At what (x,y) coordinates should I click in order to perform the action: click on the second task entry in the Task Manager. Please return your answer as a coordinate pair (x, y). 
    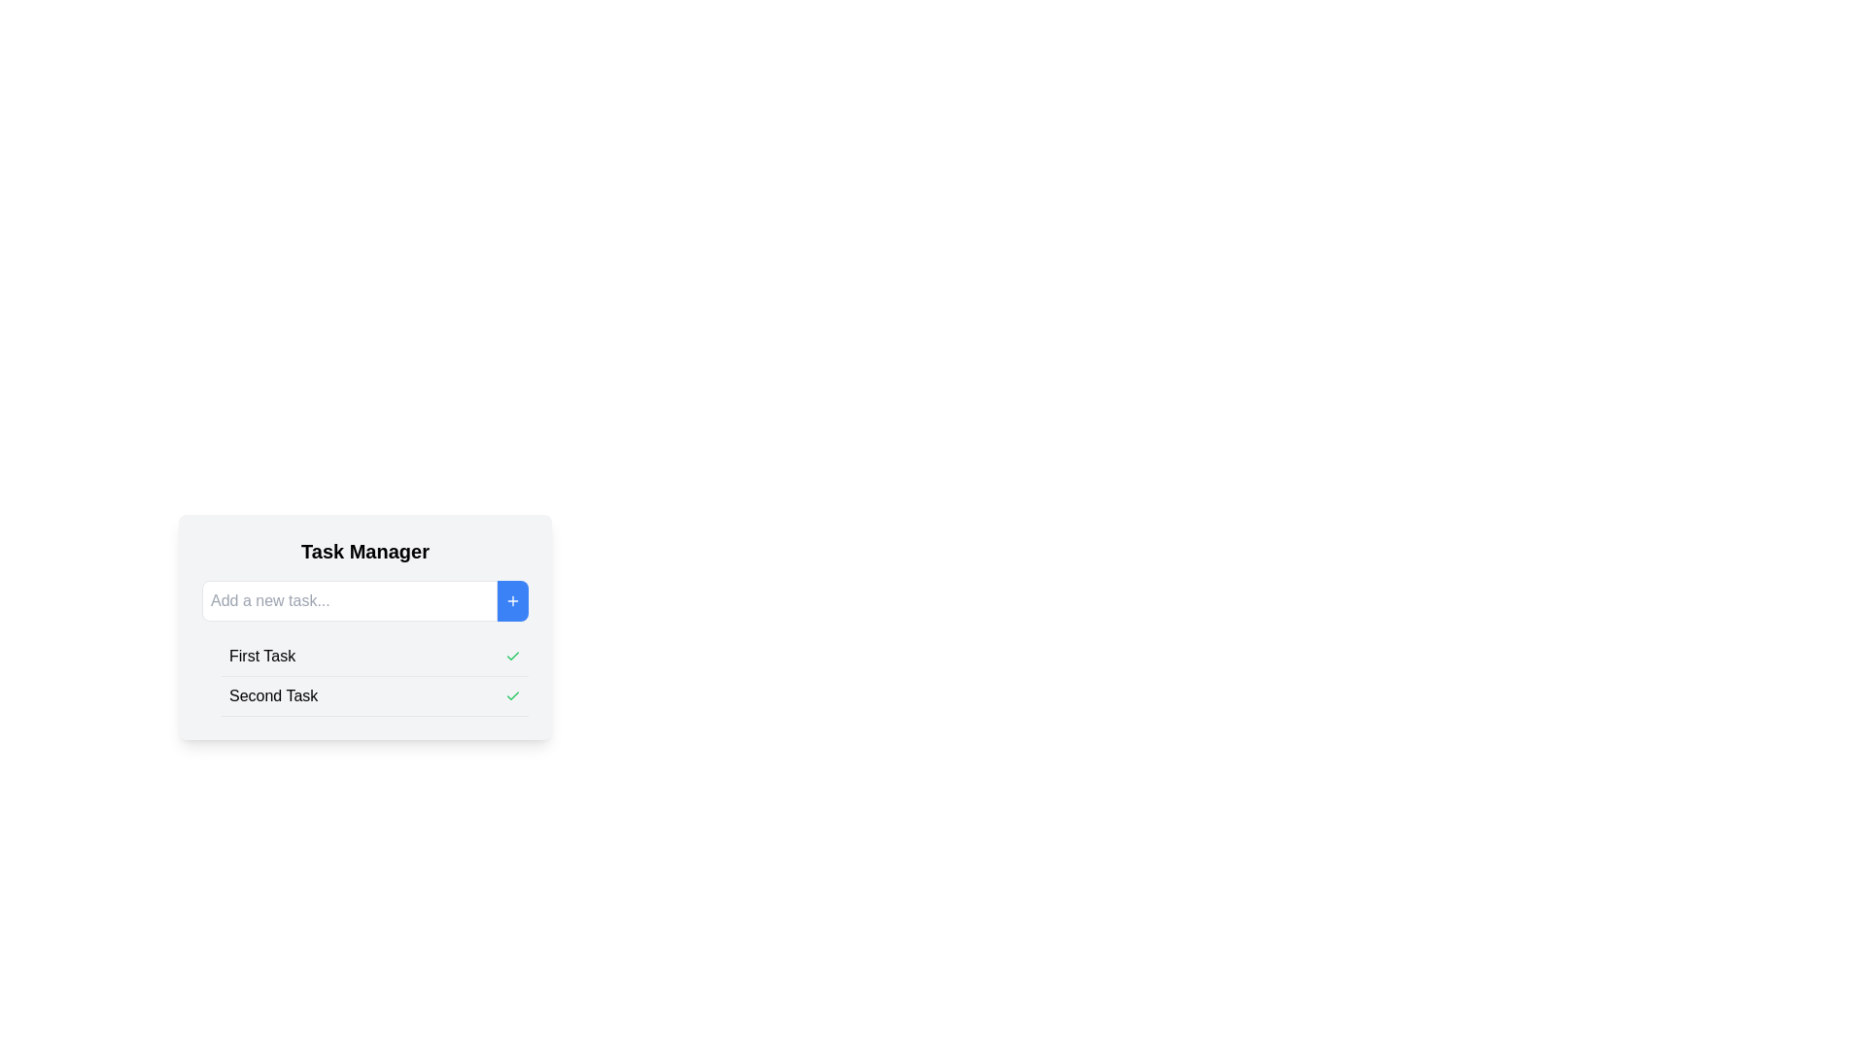
    Looking at the image, I should click on (374, 695).